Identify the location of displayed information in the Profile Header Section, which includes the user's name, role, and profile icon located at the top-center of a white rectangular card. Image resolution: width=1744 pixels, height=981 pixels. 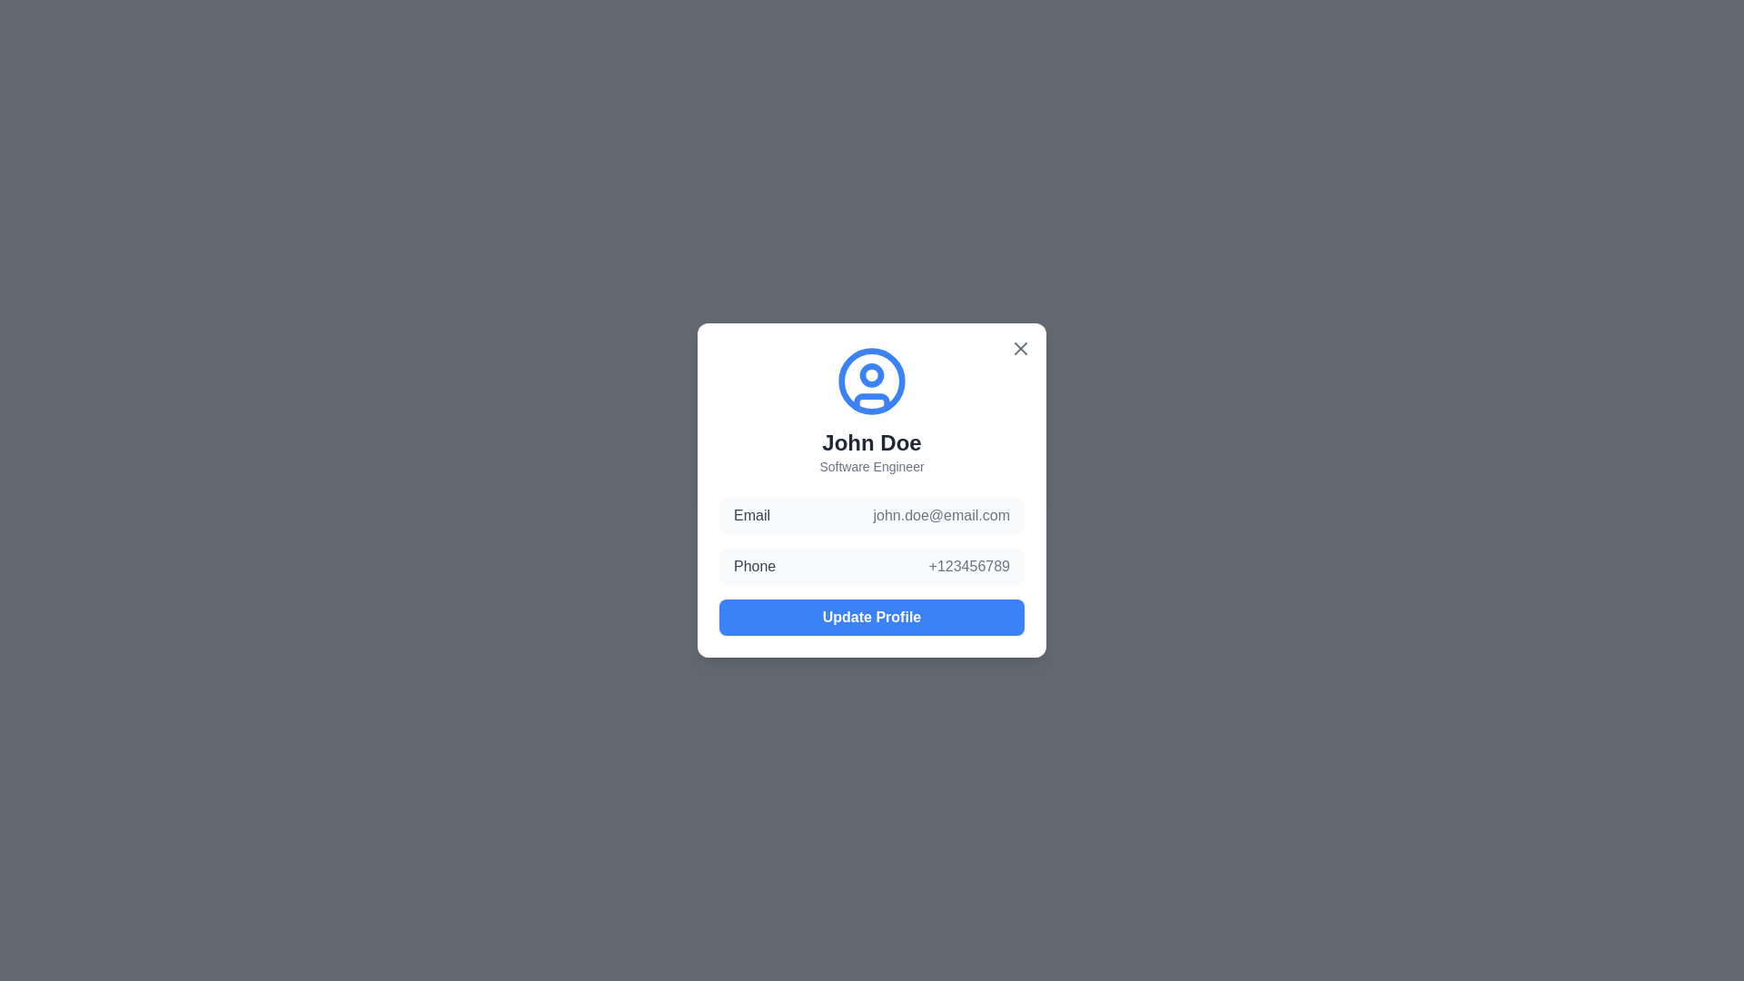
(872, 410).